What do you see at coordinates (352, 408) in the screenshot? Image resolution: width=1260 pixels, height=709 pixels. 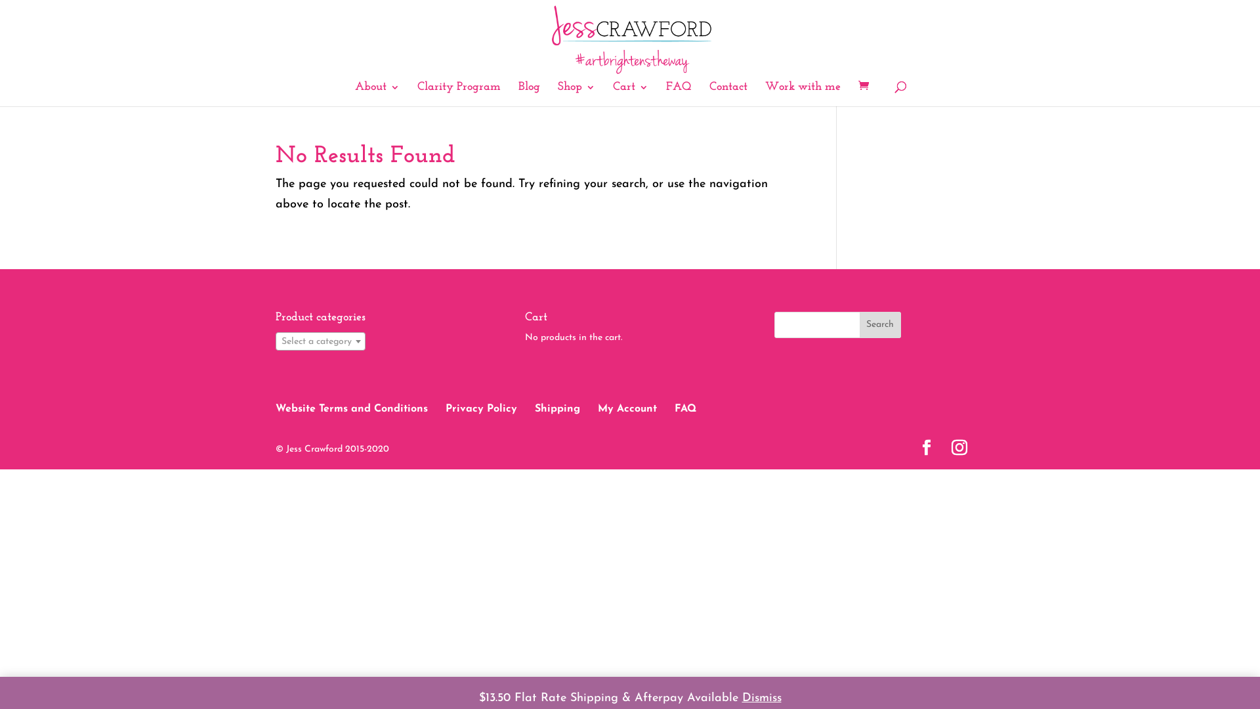 I see `'Website Terms and Conditions'` at bounding box center [352, 408].